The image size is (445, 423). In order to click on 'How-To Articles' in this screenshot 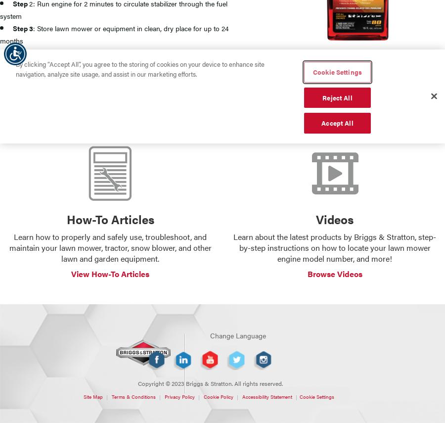, I will do `click(110, 218)`.